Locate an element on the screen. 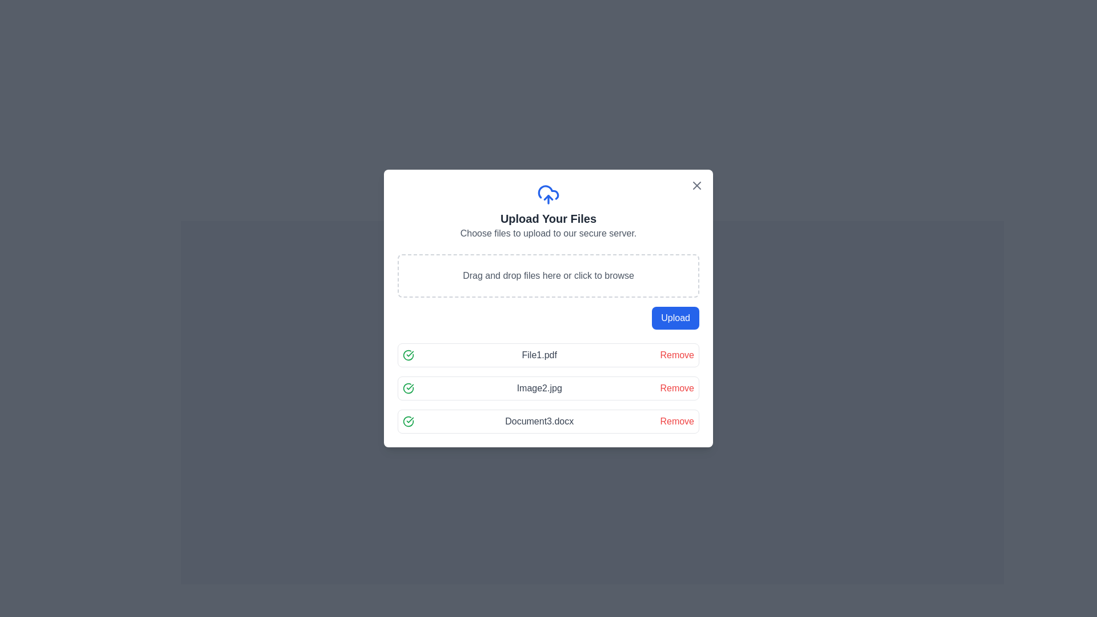  the 'Remove' button located at the far right of the row for the file named 'Document3.docx' in the upload interface is located at coordinates (677, 421).